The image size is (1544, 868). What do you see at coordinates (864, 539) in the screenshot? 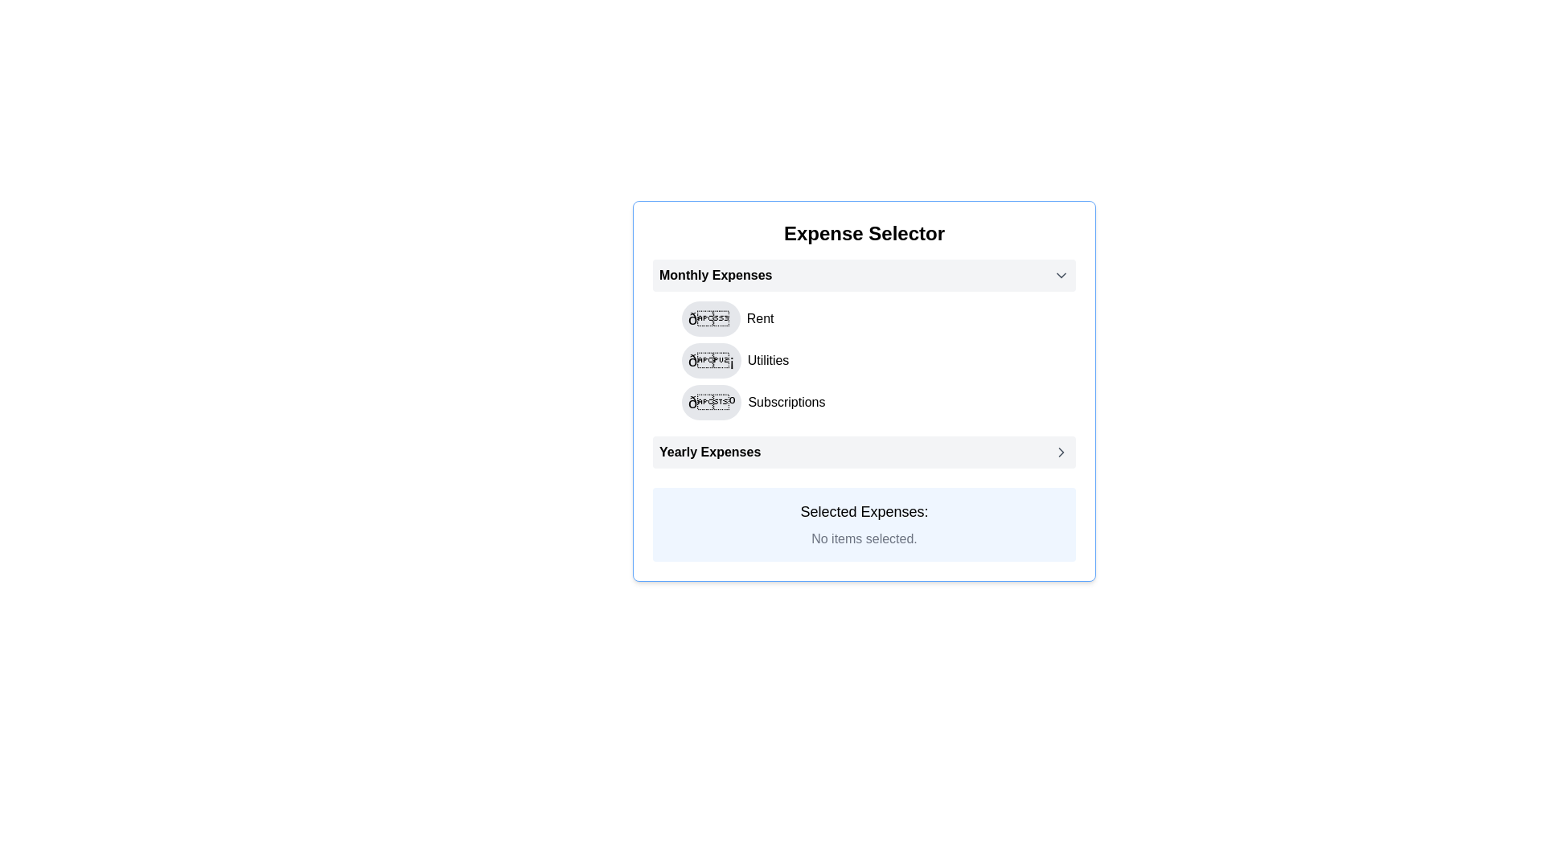
I see `the static text displaying 'No items selected.' located under the label 'Selected Expenses:' in the Expense Selector section` at bounding box center [864, 539].